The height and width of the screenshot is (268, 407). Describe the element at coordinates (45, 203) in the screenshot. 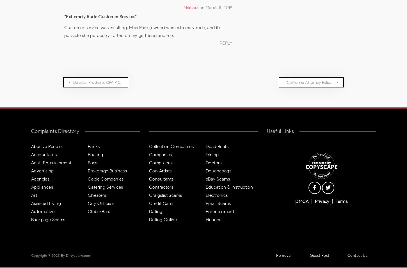

I see `'Assisted Living'` at that location.